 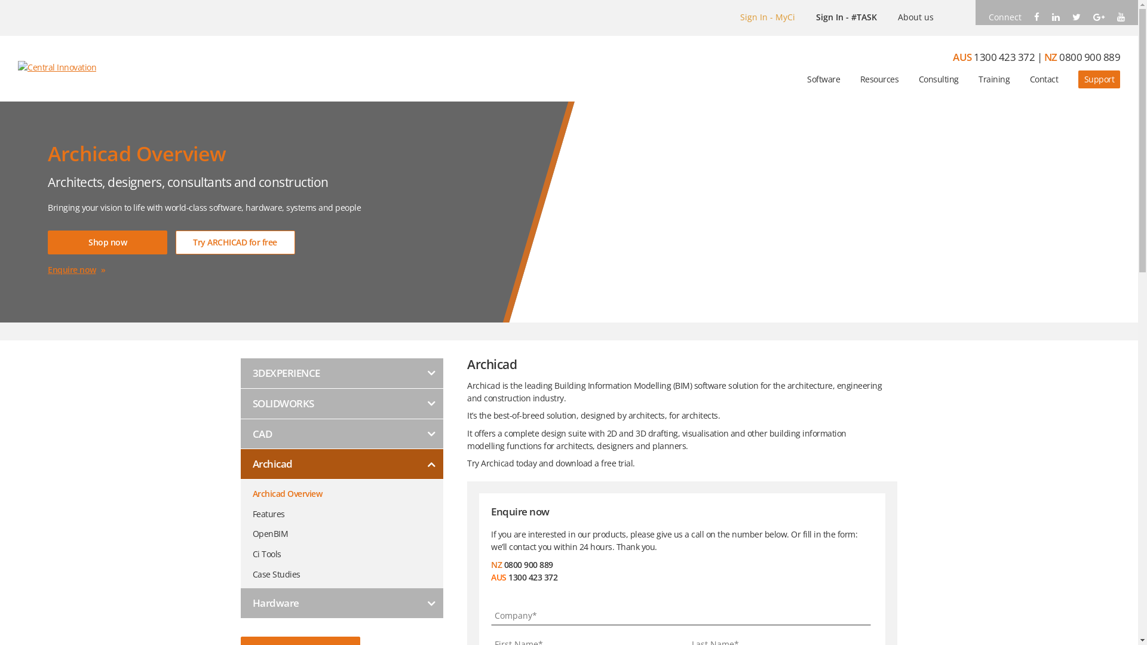 I want to click on 'OpenBIM', so click(x=346, y=529).